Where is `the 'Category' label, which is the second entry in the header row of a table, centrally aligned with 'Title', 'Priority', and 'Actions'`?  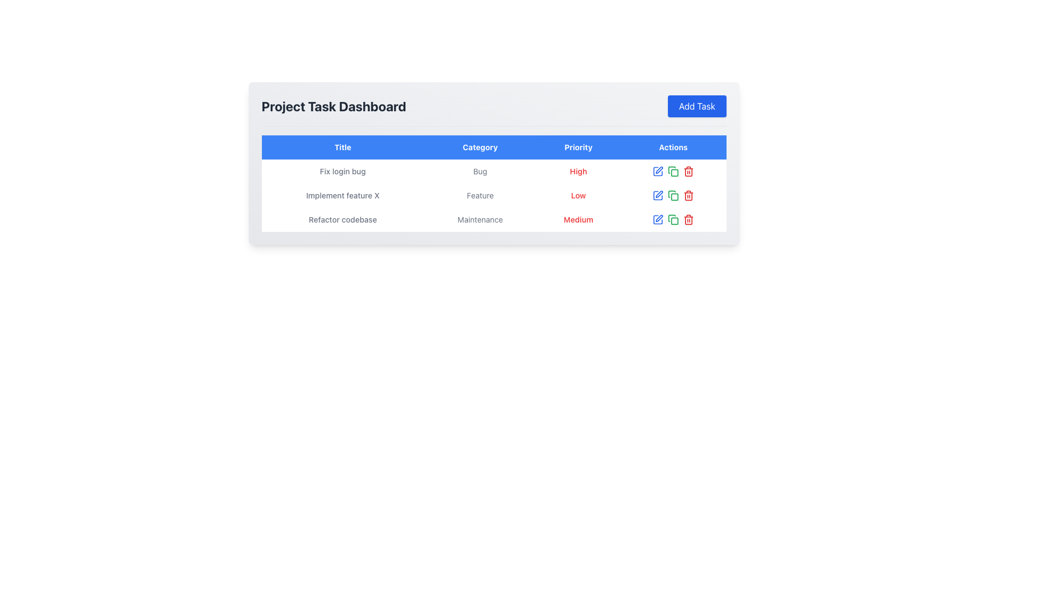 the 'Category' label, which is the second entry in the header row of a table, centrally aligned with 'Title', 'Priority', and 'Actions' is located at coordinates (480, 147).